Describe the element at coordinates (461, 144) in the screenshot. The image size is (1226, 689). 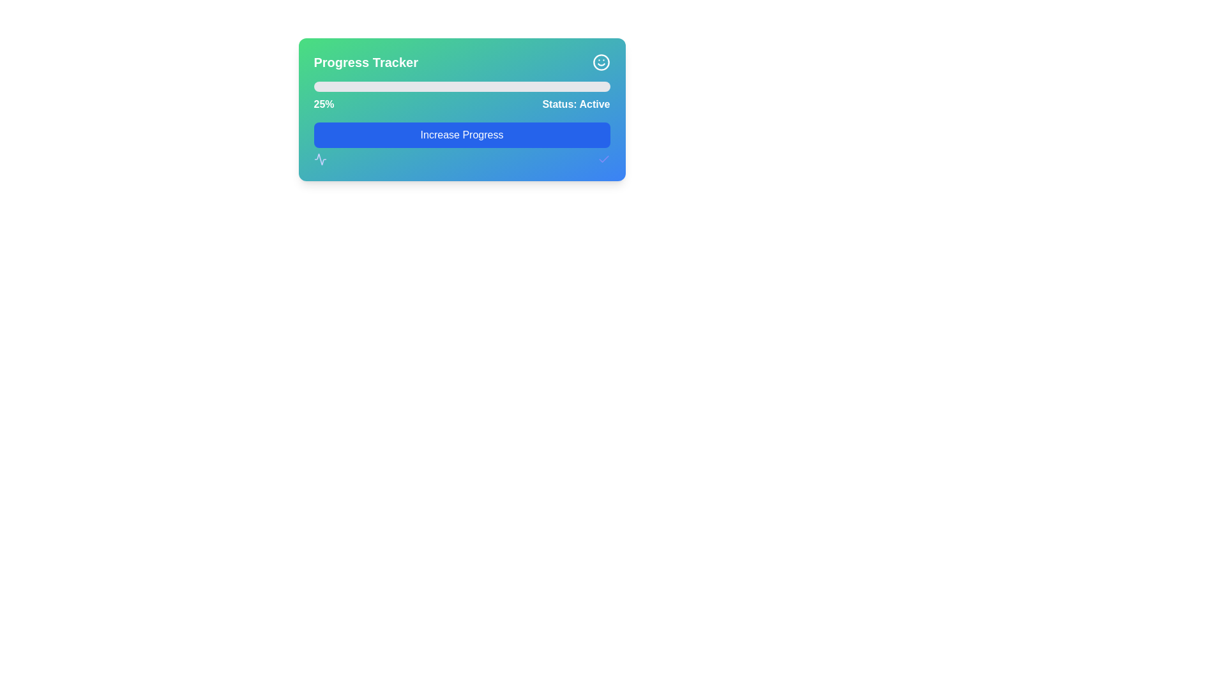
I see `the 'Increase Progress' button, which is a rectangular button with a deep blue background and white text` at that location.